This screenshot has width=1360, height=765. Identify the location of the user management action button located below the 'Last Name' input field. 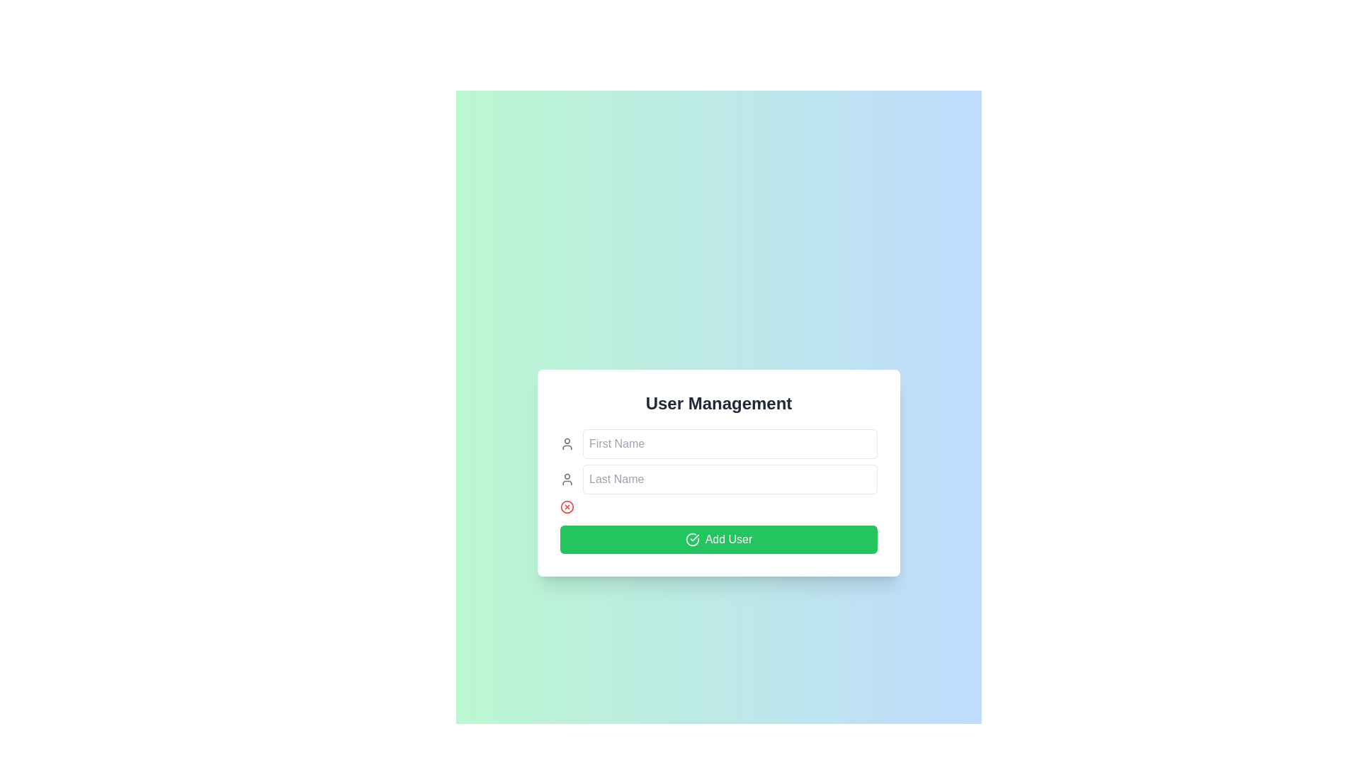
(567, 506).